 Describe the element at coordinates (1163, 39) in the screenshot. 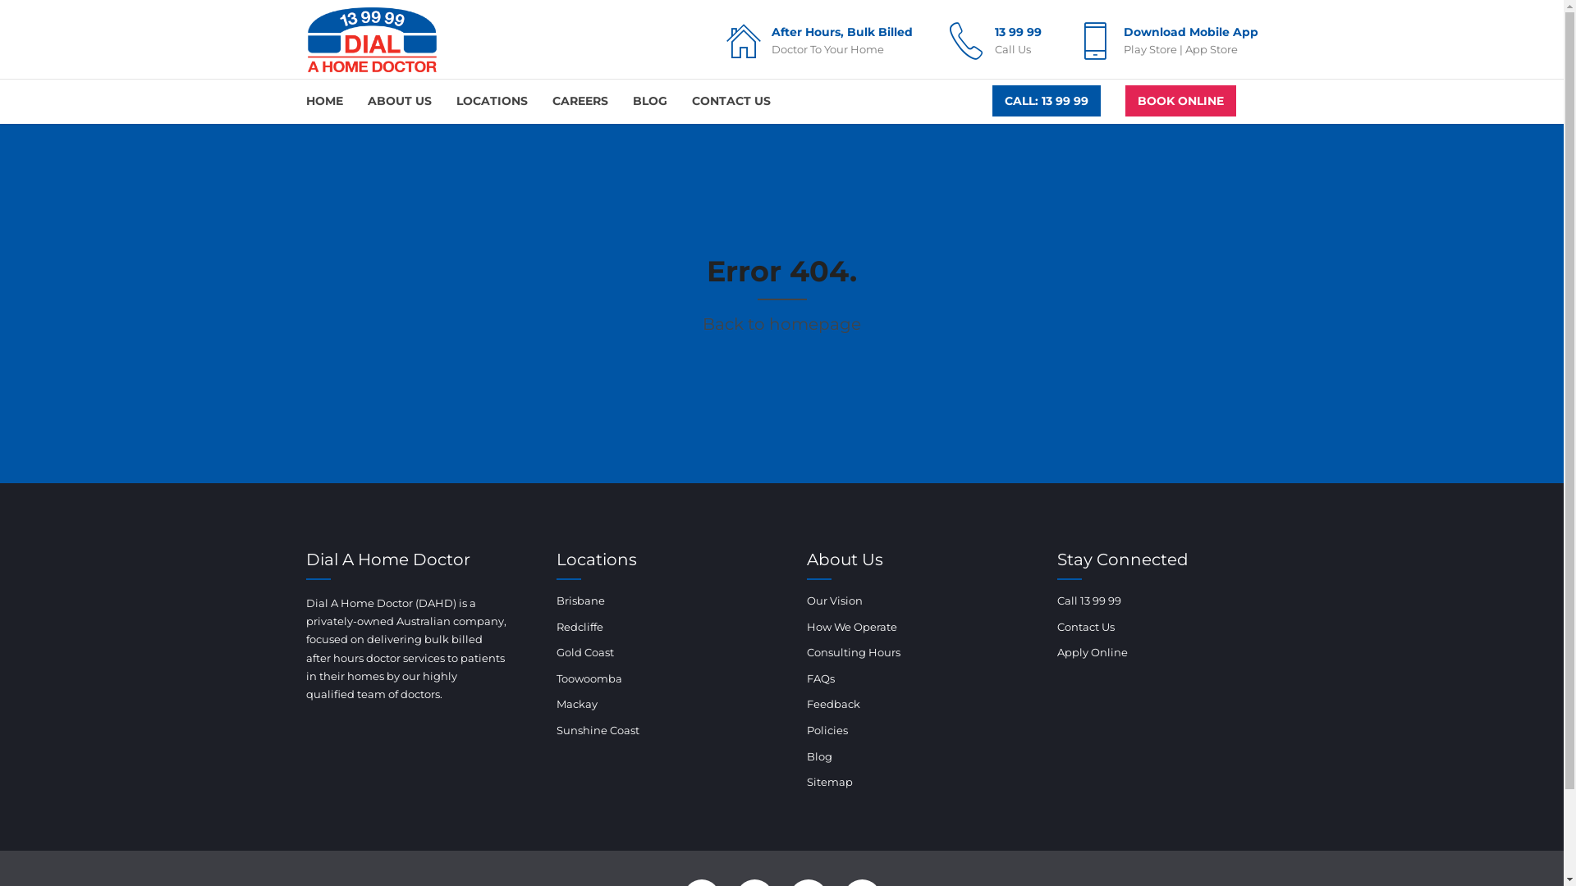

I see `'Download Mobile App` at that location.